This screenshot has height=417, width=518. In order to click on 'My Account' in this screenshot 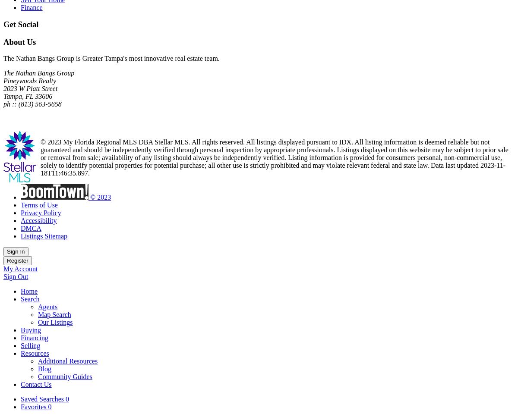, I will do `click(20, 269)`.